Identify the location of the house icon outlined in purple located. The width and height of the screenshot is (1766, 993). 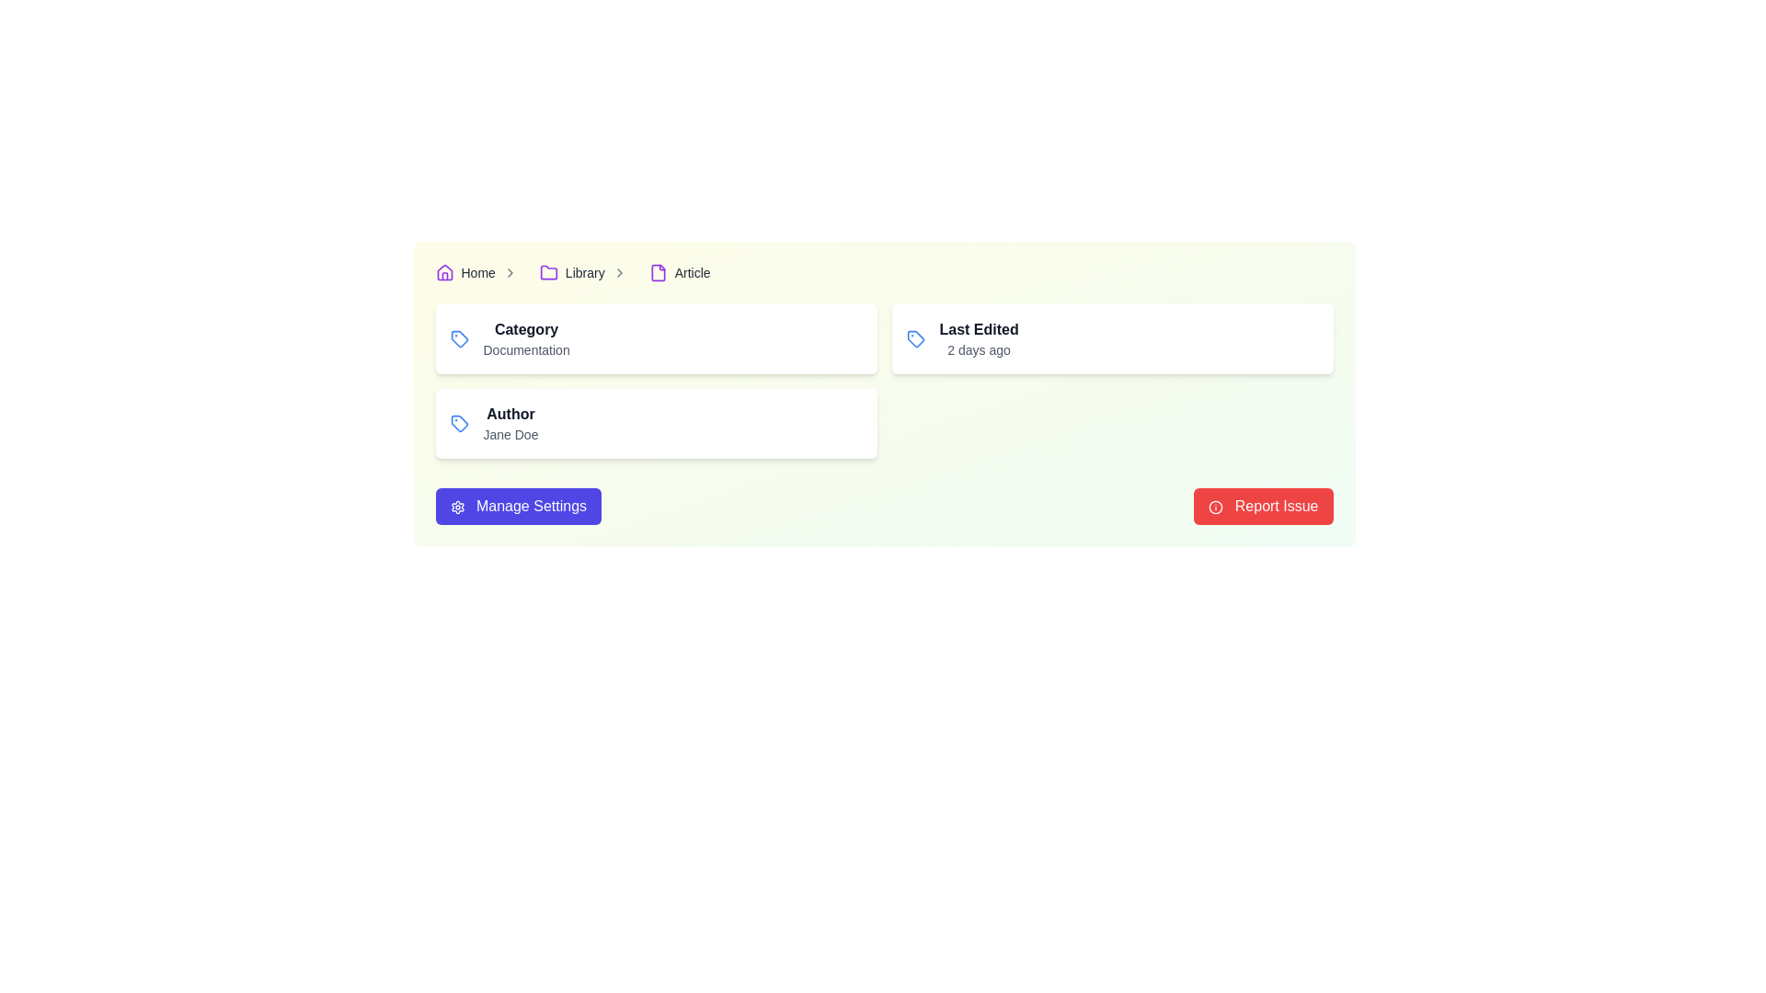
(444, 273).